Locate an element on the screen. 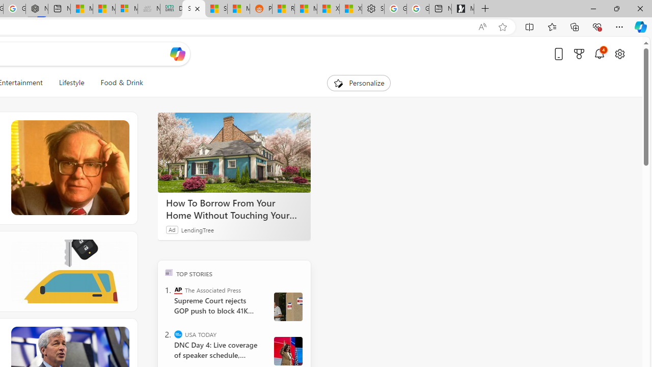 This screenshot has width=652, height=367. 'Microsoft rewards' is located at coordinates (579, 54).